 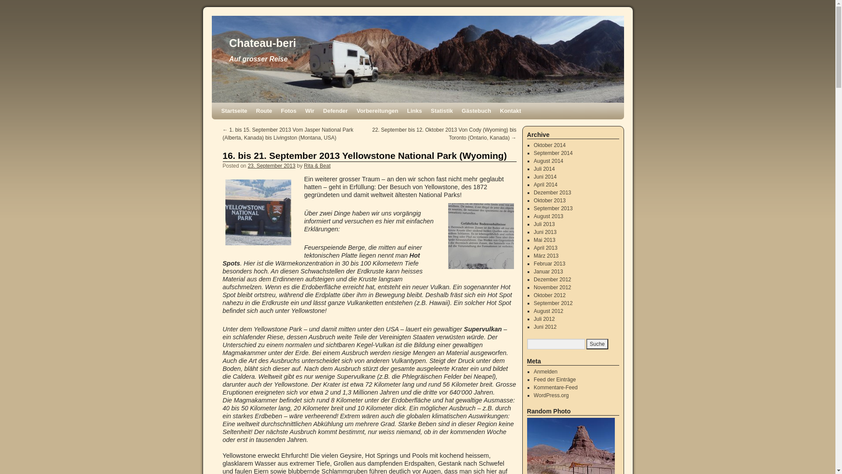 What do you see at coordinates (533, 295) in the screenshot?
I see `'Oktober 2012'` at bounding box center [533, 295].